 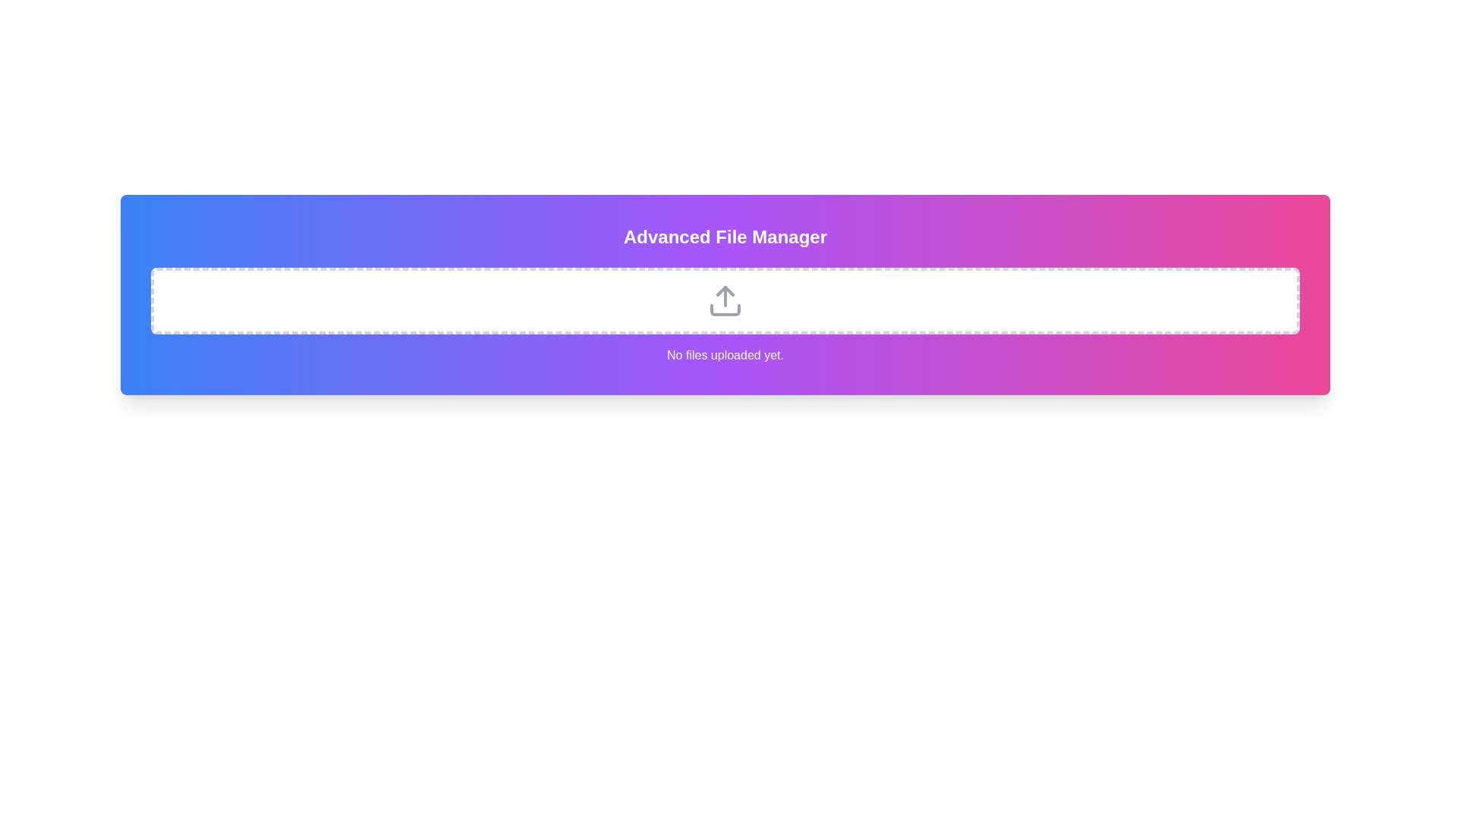 I want to click on the interactive file upload area below the 'Advanced File Manager' text, so click(x=724, y=301).